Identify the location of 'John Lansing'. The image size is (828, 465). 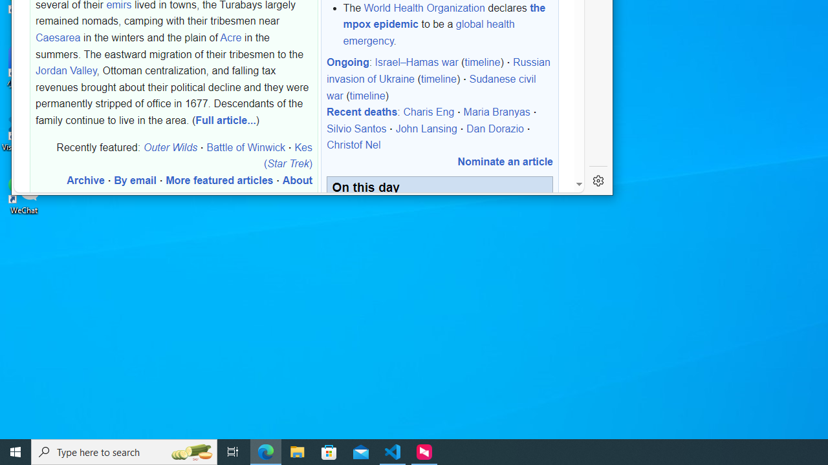
(426, 129).